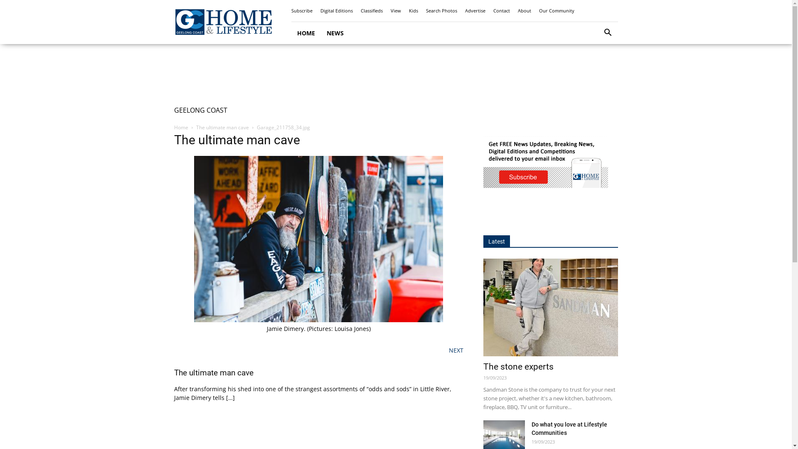 Image resolution: width=798 pixels, height=449 pixels. What do you see at coordinates (371, 10) in the screenshot?
I see `'Classifieds'` at bounding box center [371, 10].